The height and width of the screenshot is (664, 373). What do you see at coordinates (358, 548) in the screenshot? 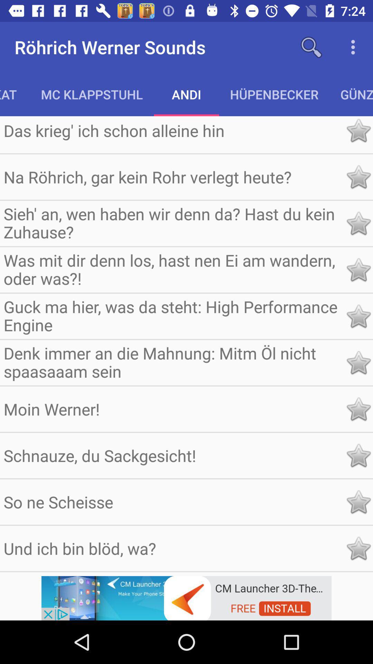
I see `the favorites` at bounding box center [358, 548].